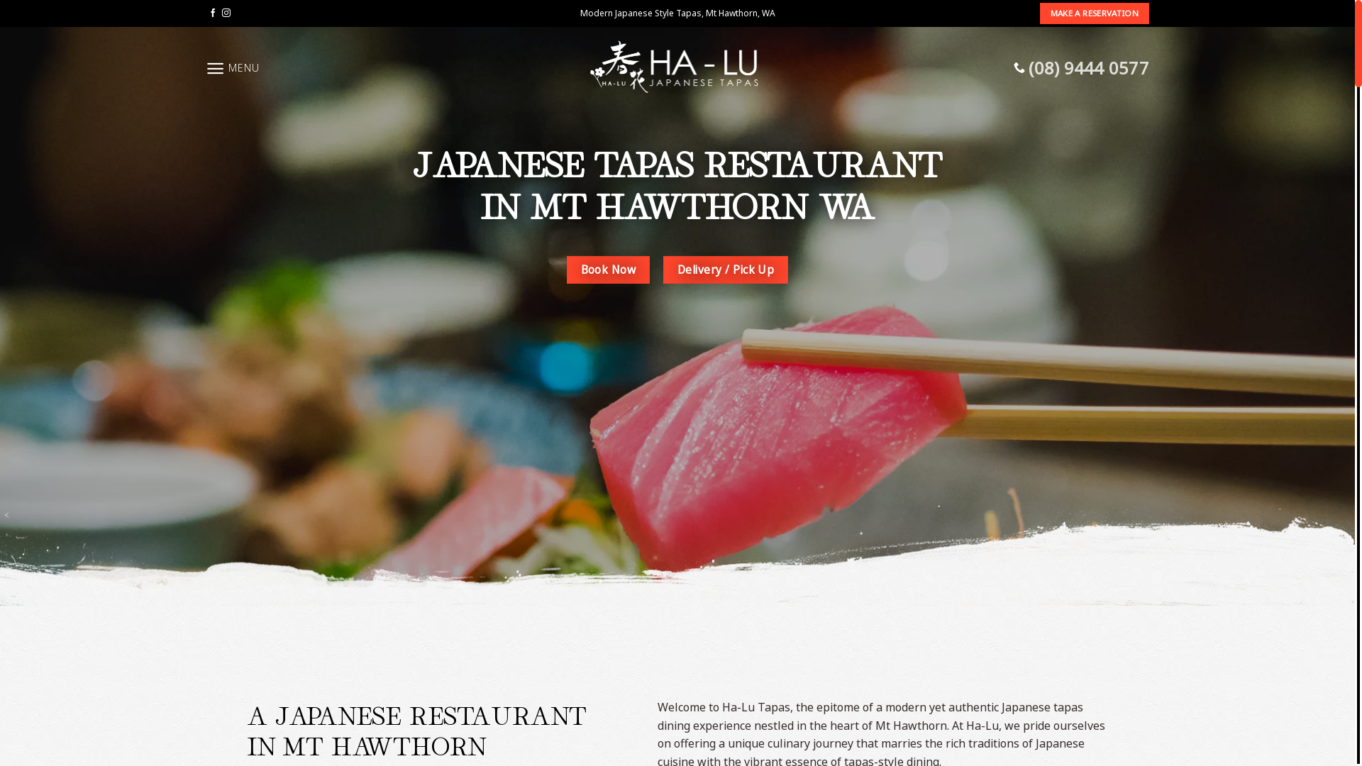 This screenshot has width=1362, height=766. I want to click on 'Book Now', so click(608, 270).